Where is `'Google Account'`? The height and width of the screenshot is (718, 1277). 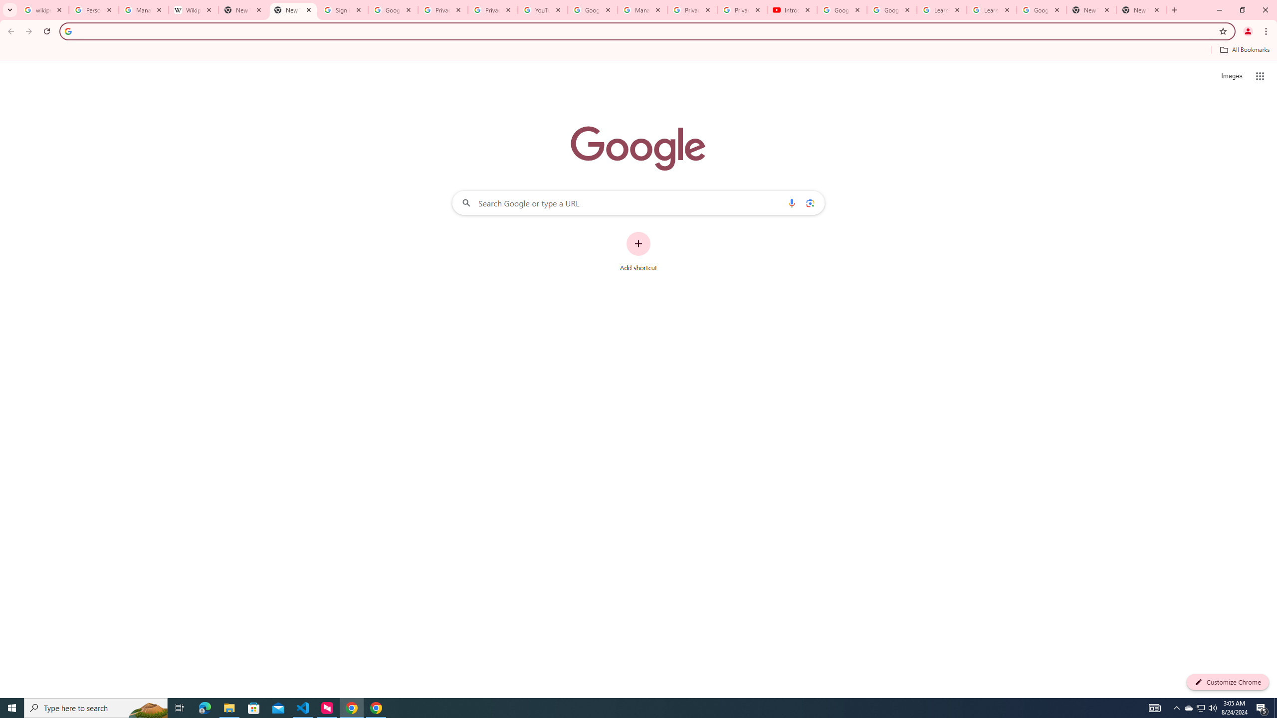 'Google Account' is located at coordinates (1041, 9).